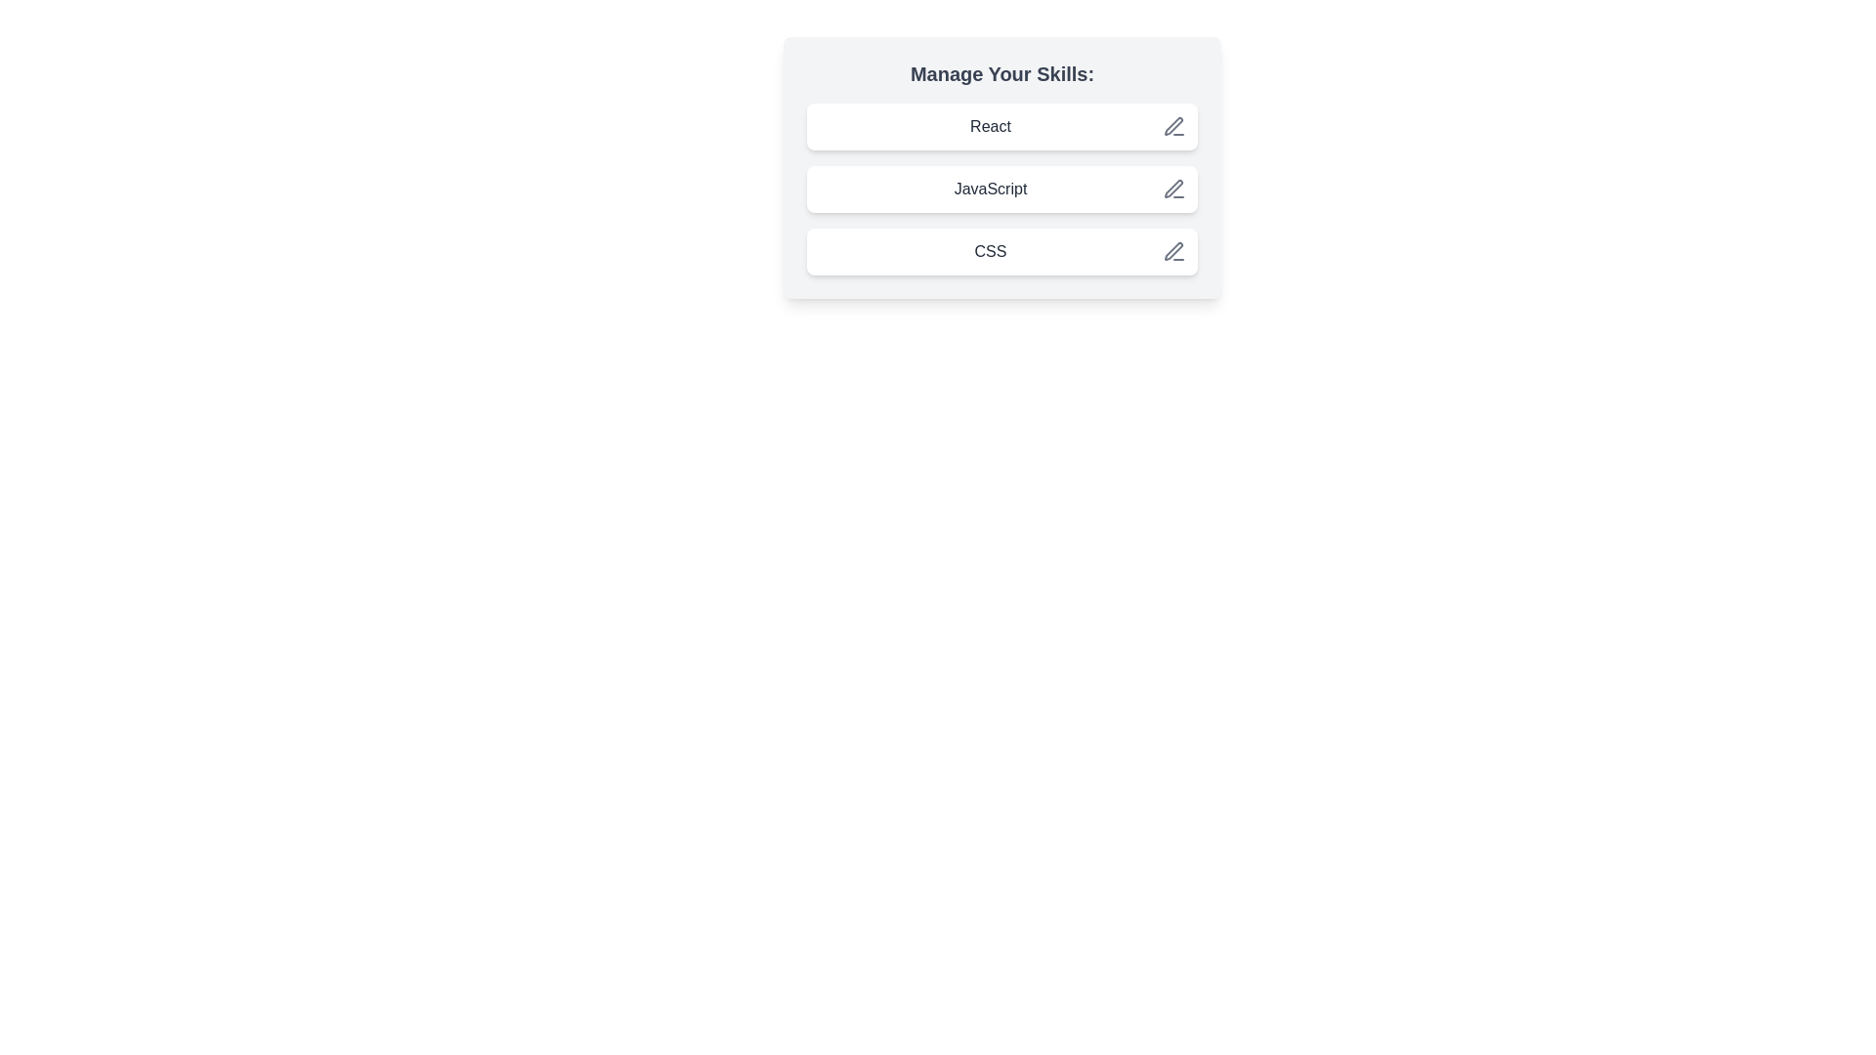 This screenshot has height=1055, width=1876. Describe the element at coordinates (1172, 189) in the screenshot. I see `the save button for the chip labeled JavaScript` at that location.